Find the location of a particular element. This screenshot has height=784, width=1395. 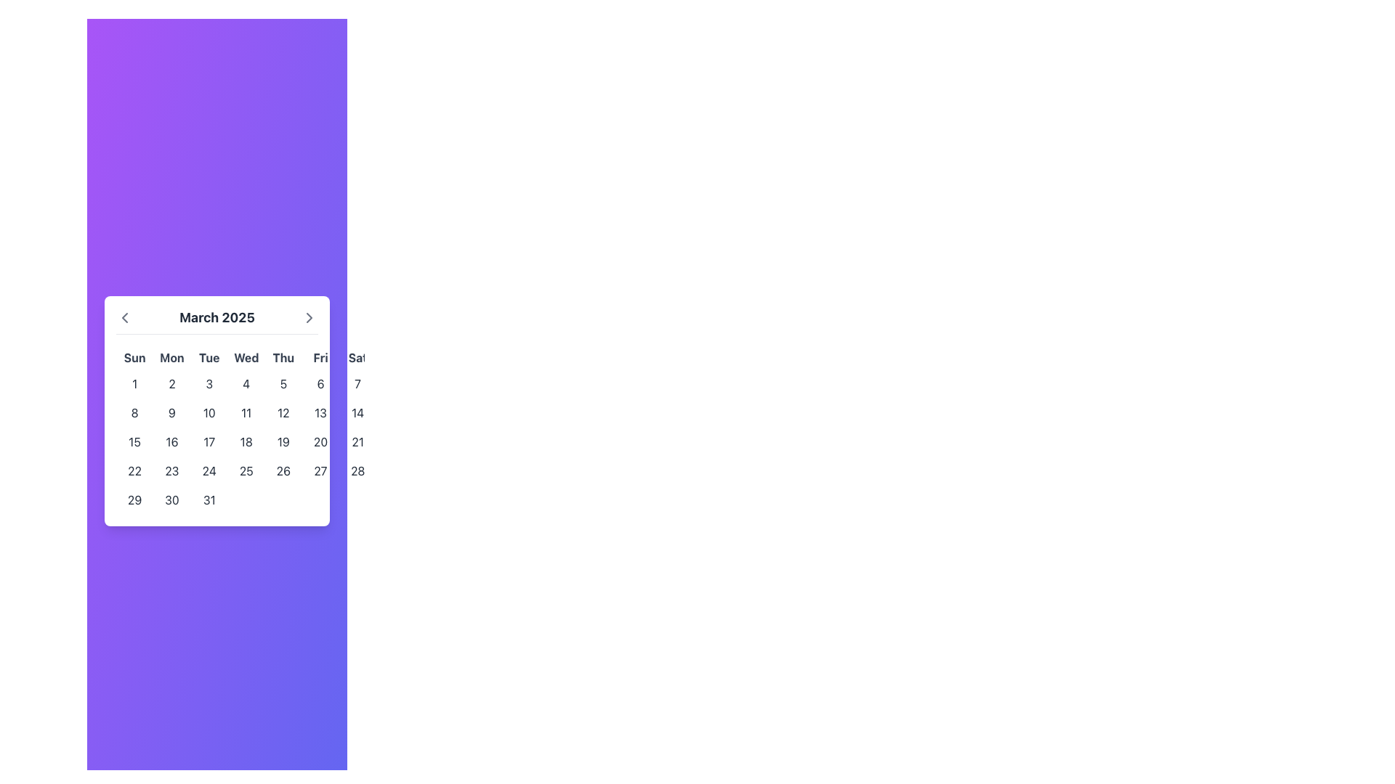

the button that navigates to the previous month in the calendar application, located in the top-left corner of the calendar header, to change its color is located at coordinates (125, 317).